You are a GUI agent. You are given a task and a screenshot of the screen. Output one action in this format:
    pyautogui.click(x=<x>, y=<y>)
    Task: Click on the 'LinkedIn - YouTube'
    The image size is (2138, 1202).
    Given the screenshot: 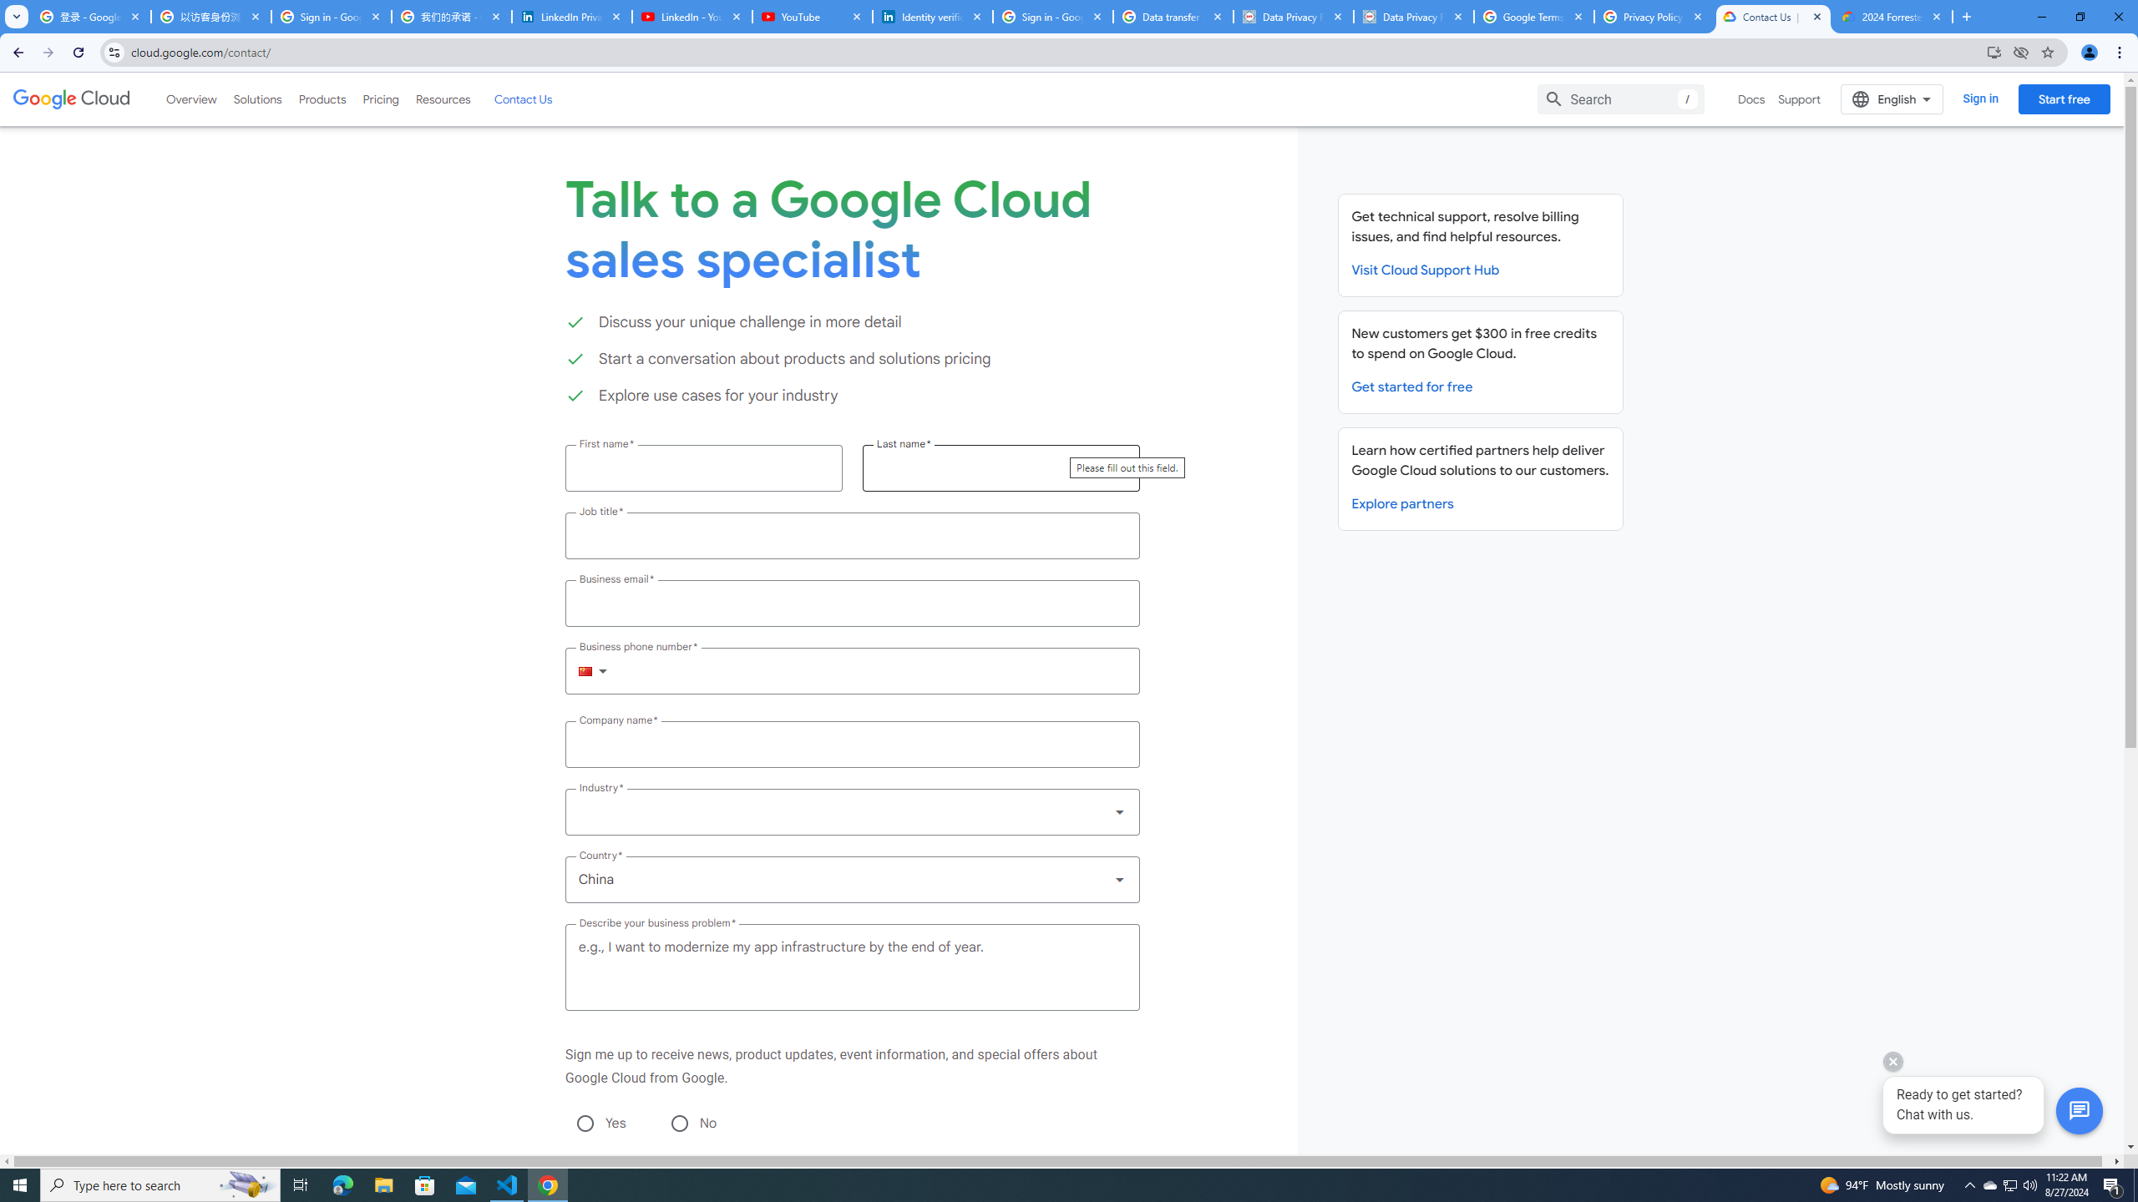 What is the action you would take?
    pyautogui.click(x=691, y=16)
    